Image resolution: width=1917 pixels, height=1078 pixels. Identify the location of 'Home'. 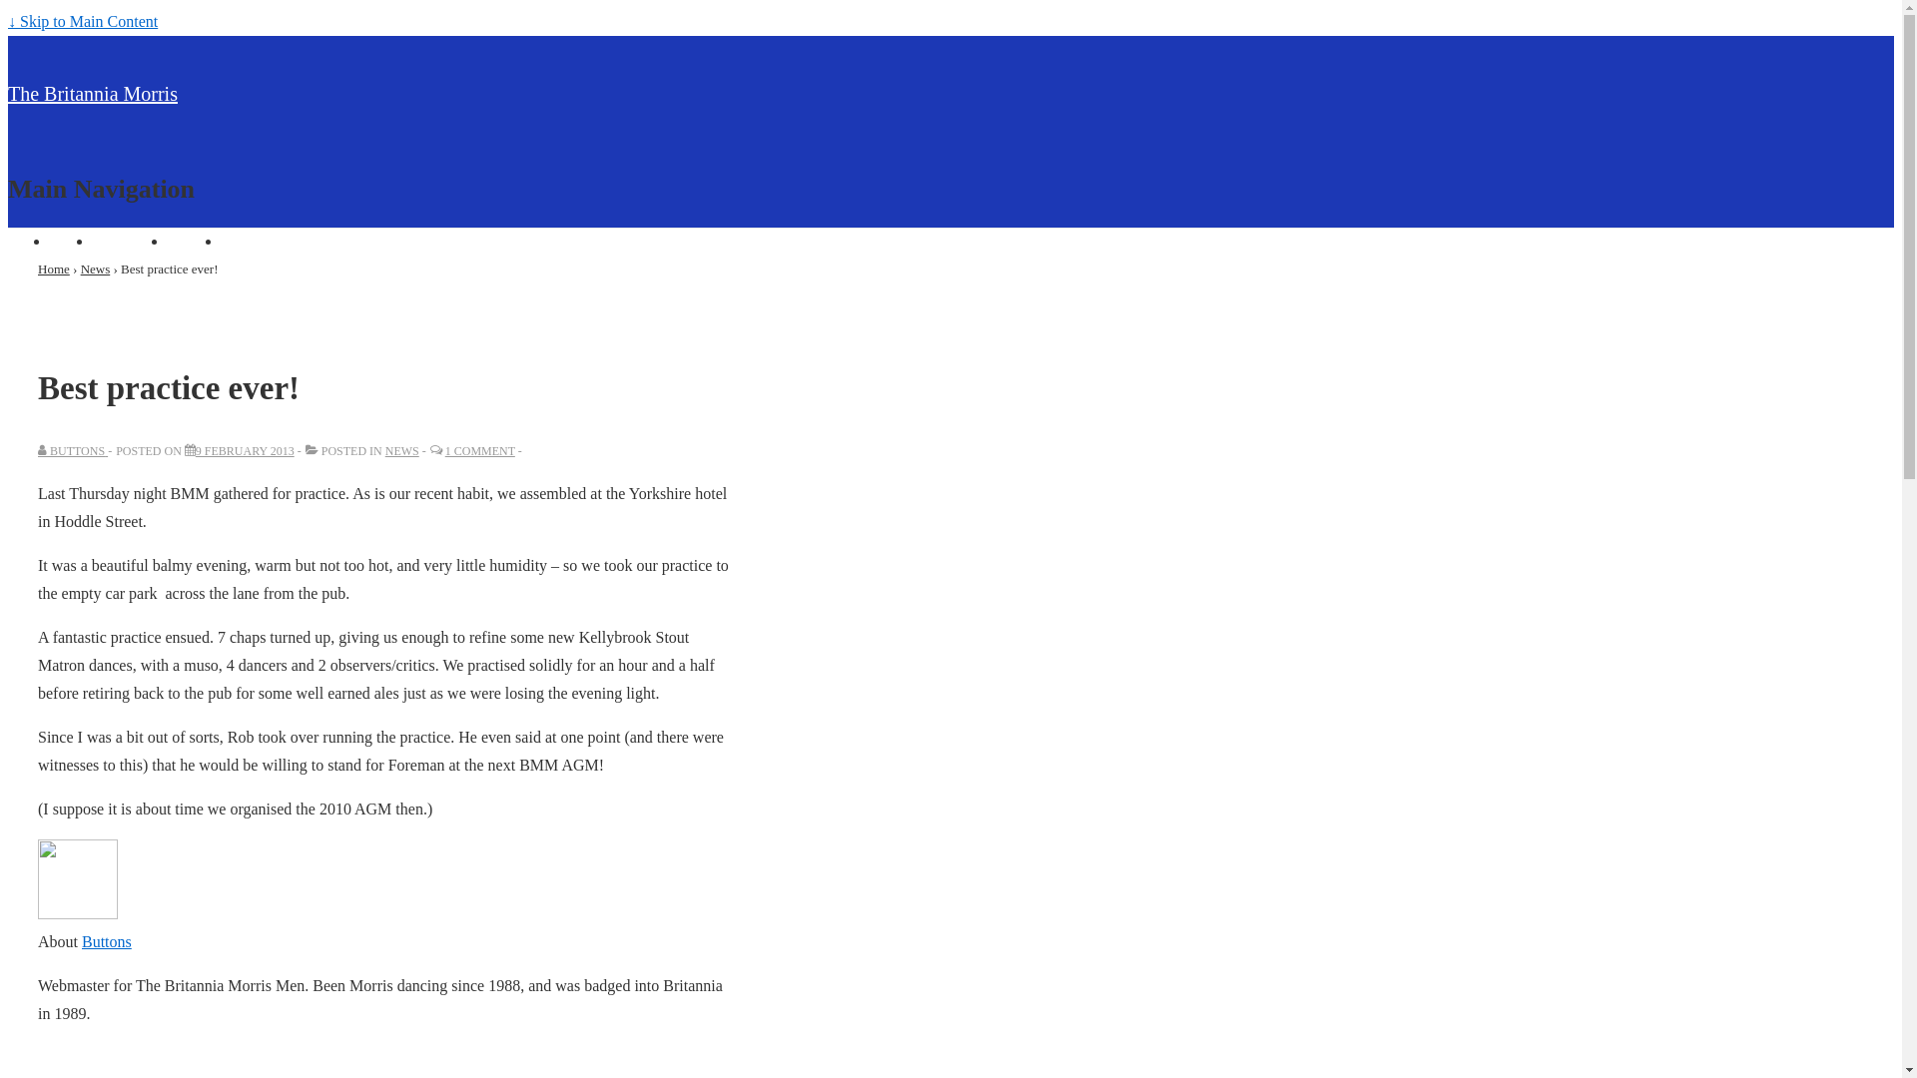
(70, 240).